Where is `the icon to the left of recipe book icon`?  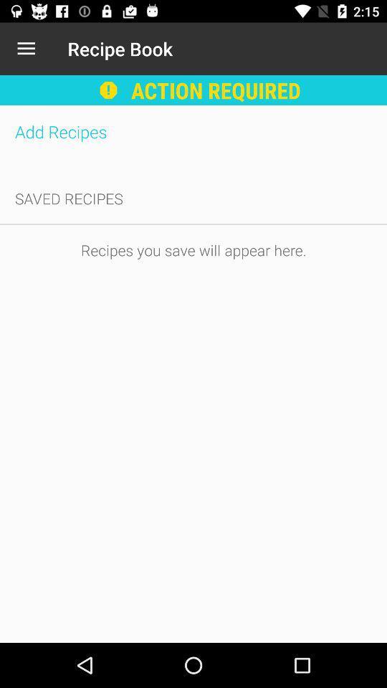
the icon to the left of recipe book icon is located at coordinates (26, 49).